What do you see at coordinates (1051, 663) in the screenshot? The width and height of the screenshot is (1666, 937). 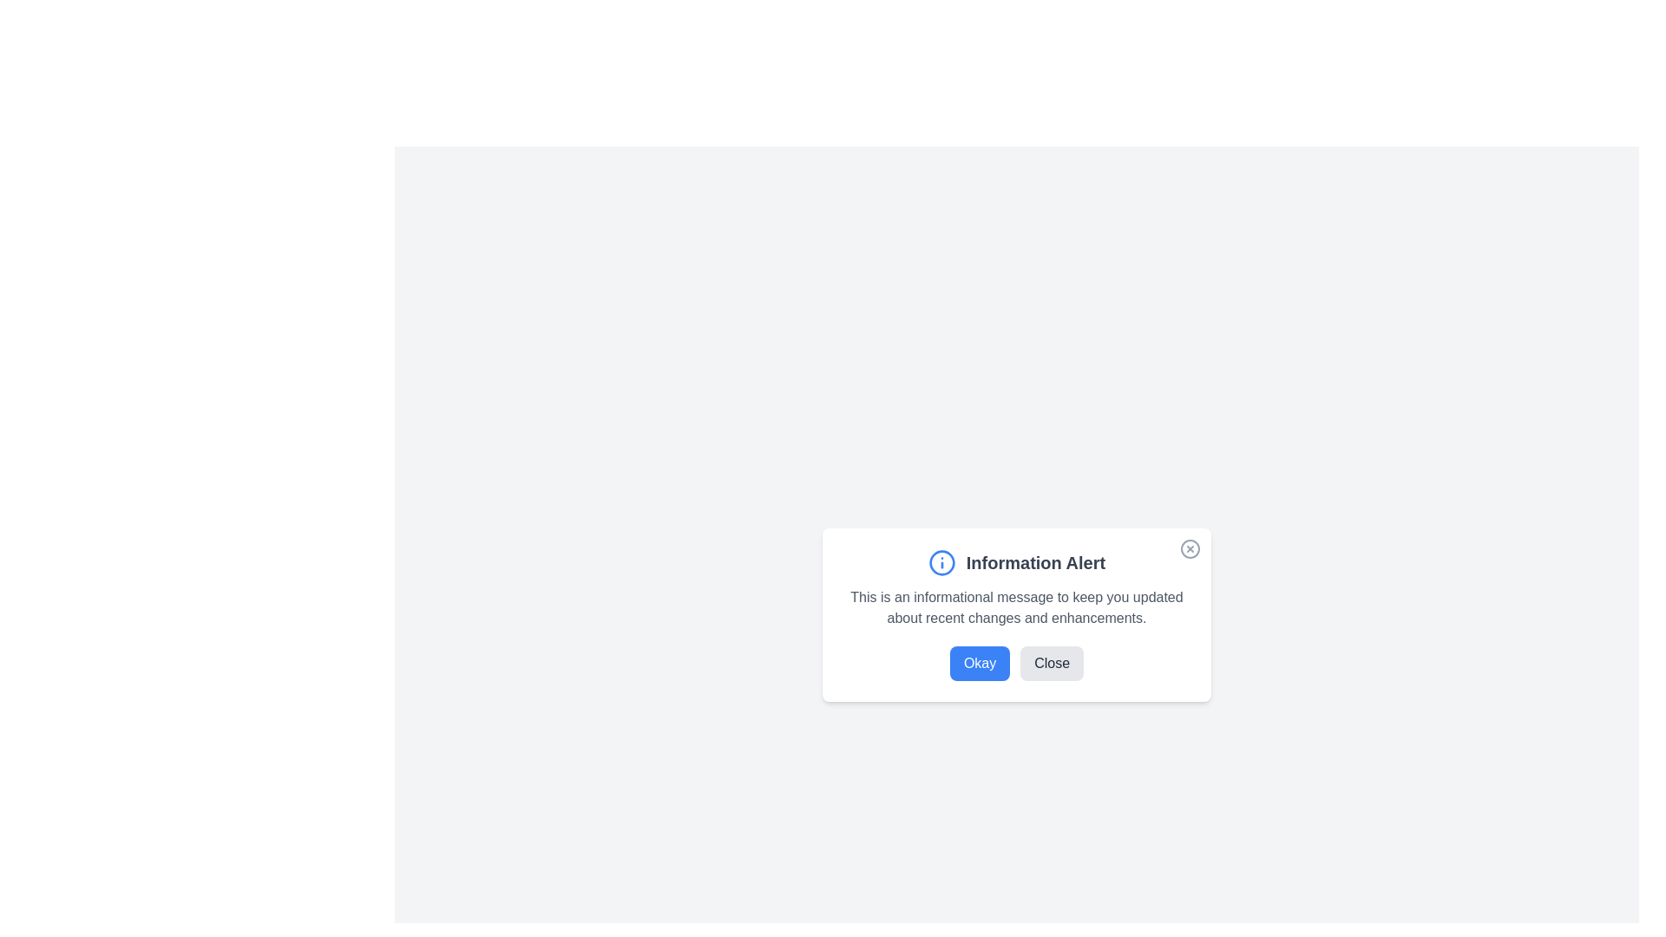 I see `the dismiss button located at the bottom-right corner of the modal dialog box, which is to the immediate right of the 'Okay' button` at bounding box center [1051, 663].